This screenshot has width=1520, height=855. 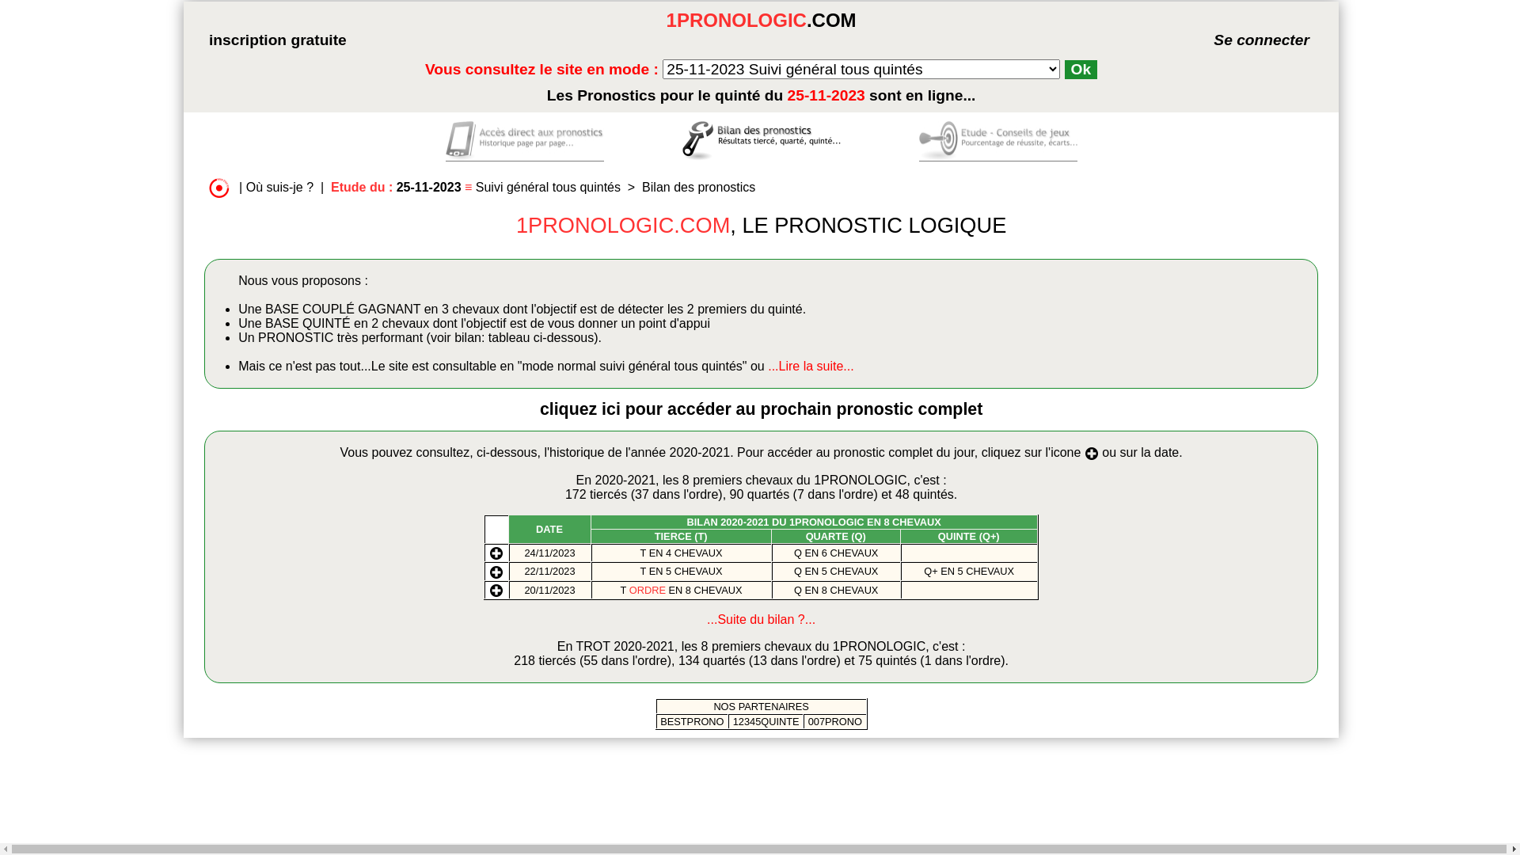 I want to click on 'voir le pronostic complet du 24-11-2023', so click(x=496, y=551).